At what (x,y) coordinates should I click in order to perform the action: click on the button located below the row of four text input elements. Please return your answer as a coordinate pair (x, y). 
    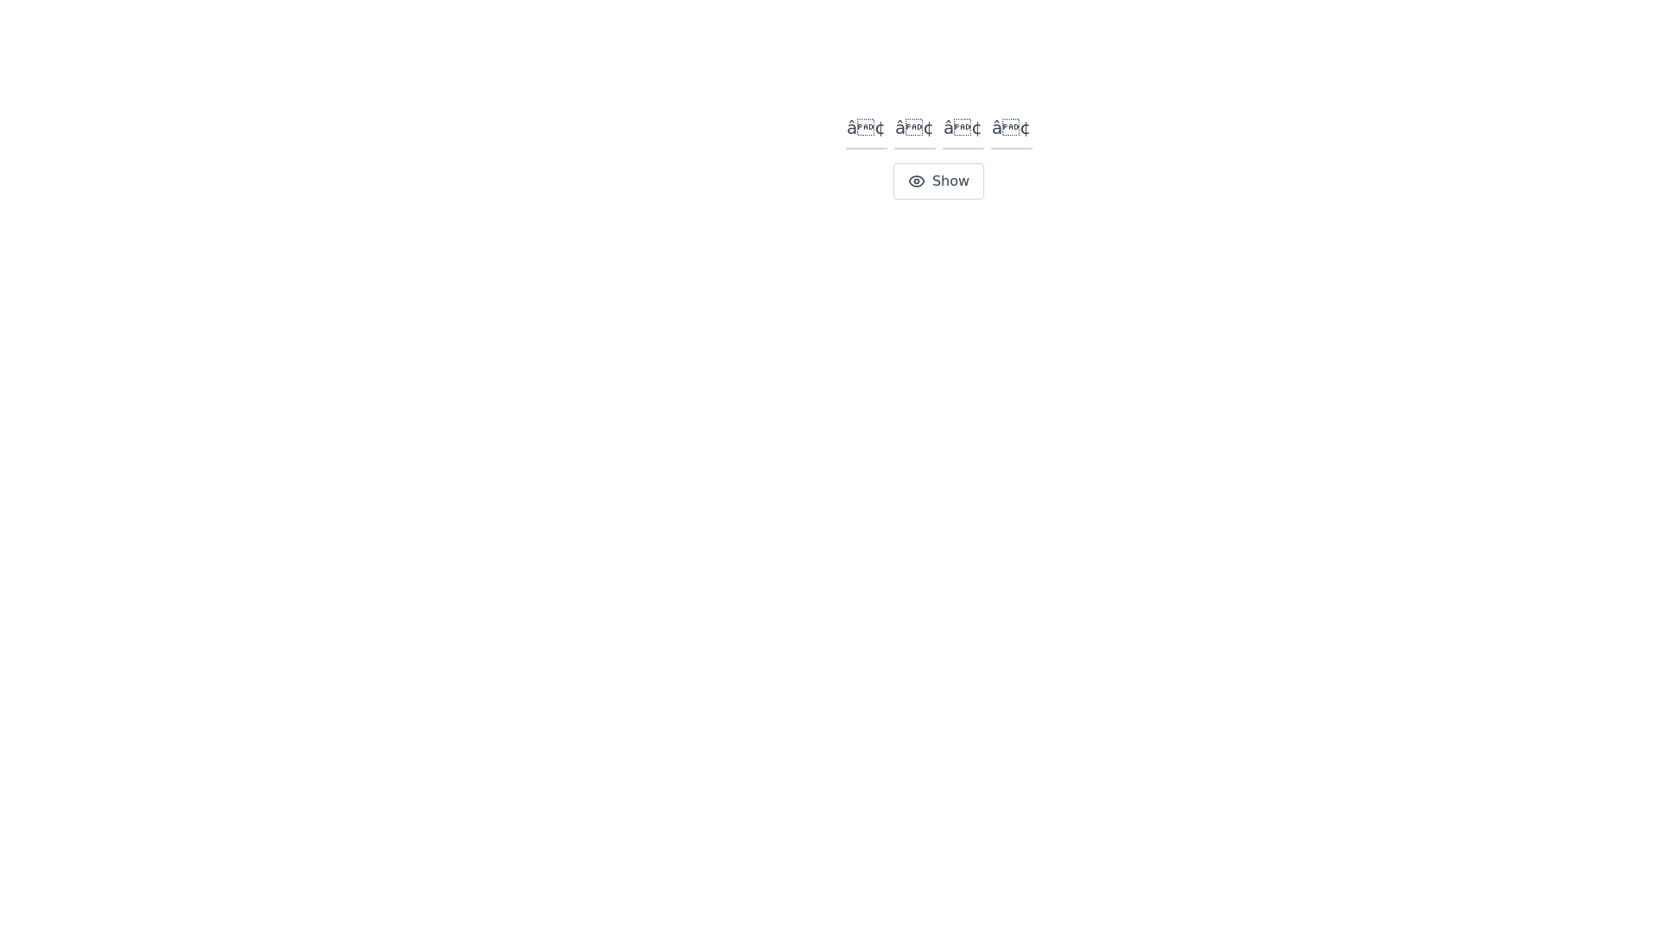
    Looking at the image, I should click on (938, 181).